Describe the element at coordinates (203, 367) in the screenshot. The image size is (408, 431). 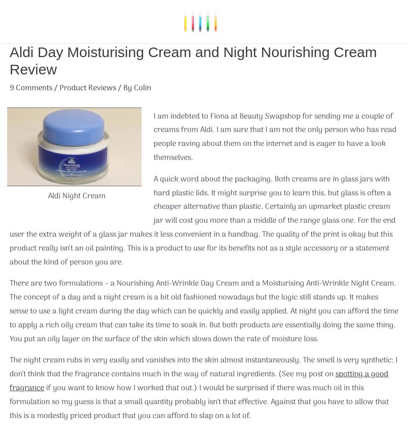
I see `'The night cream rubs in very easily and vanishes into the skin almost instantaneously. The smell is very synthetic: I don’t think that the fragrance contains much in the way of natural ingredients. (See my post on'` at that location.